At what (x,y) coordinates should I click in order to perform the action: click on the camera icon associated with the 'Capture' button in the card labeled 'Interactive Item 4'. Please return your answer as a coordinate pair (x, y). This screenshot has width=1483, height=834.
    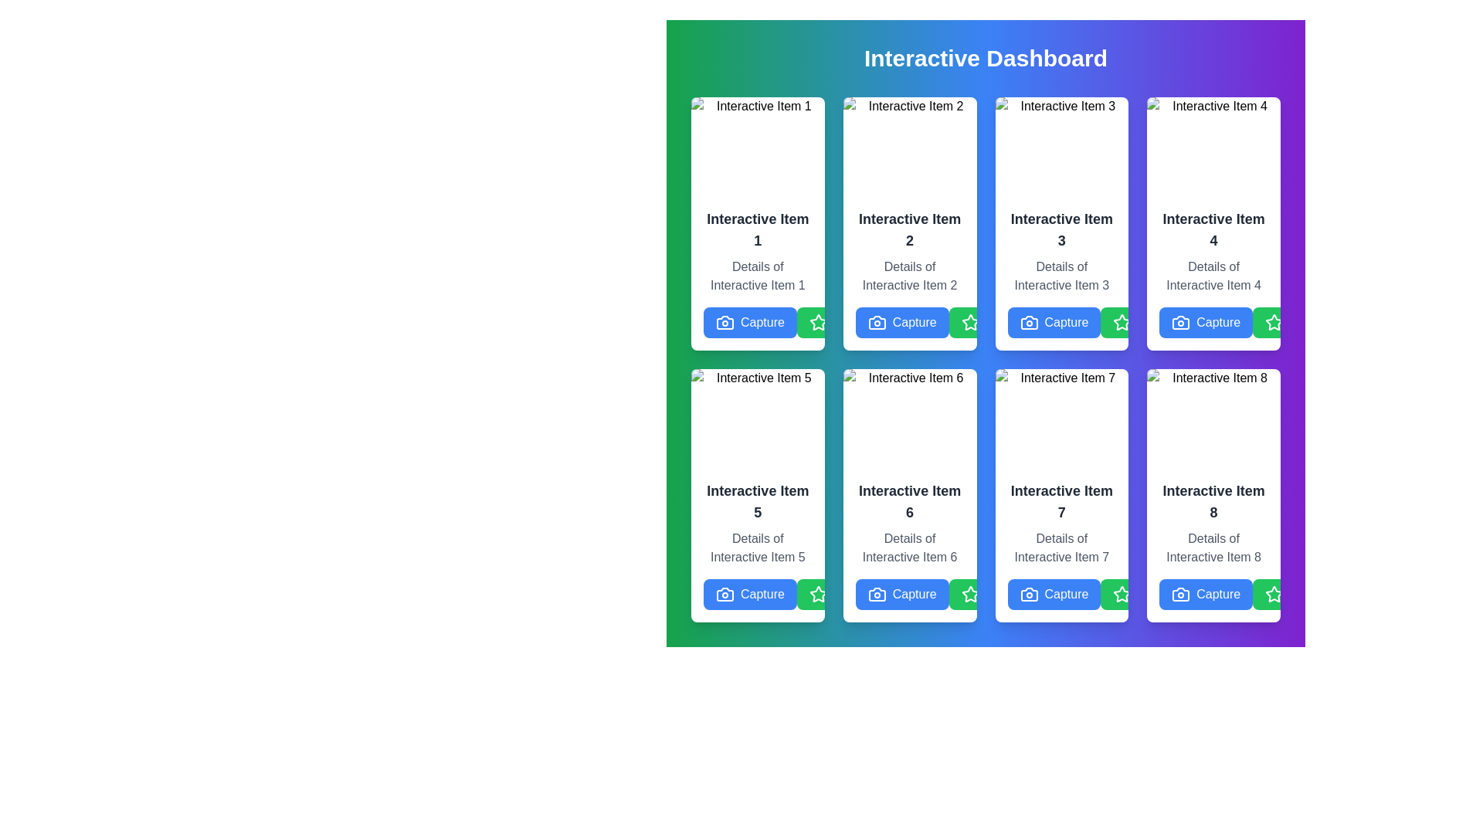
    Looking at the image, I should click on (1180, 321).